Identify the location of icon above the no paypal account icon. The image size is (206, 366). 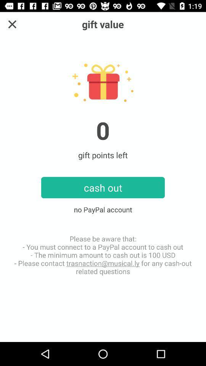
(12, 24).